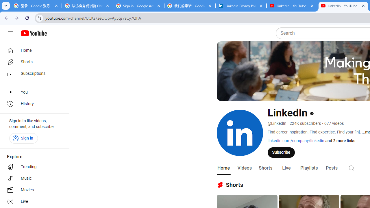  What do you see at coordinates (296, 141) in the screenshot?
I see `'linkedin.com/company/linkedin'` at bounding box center [296, 141].